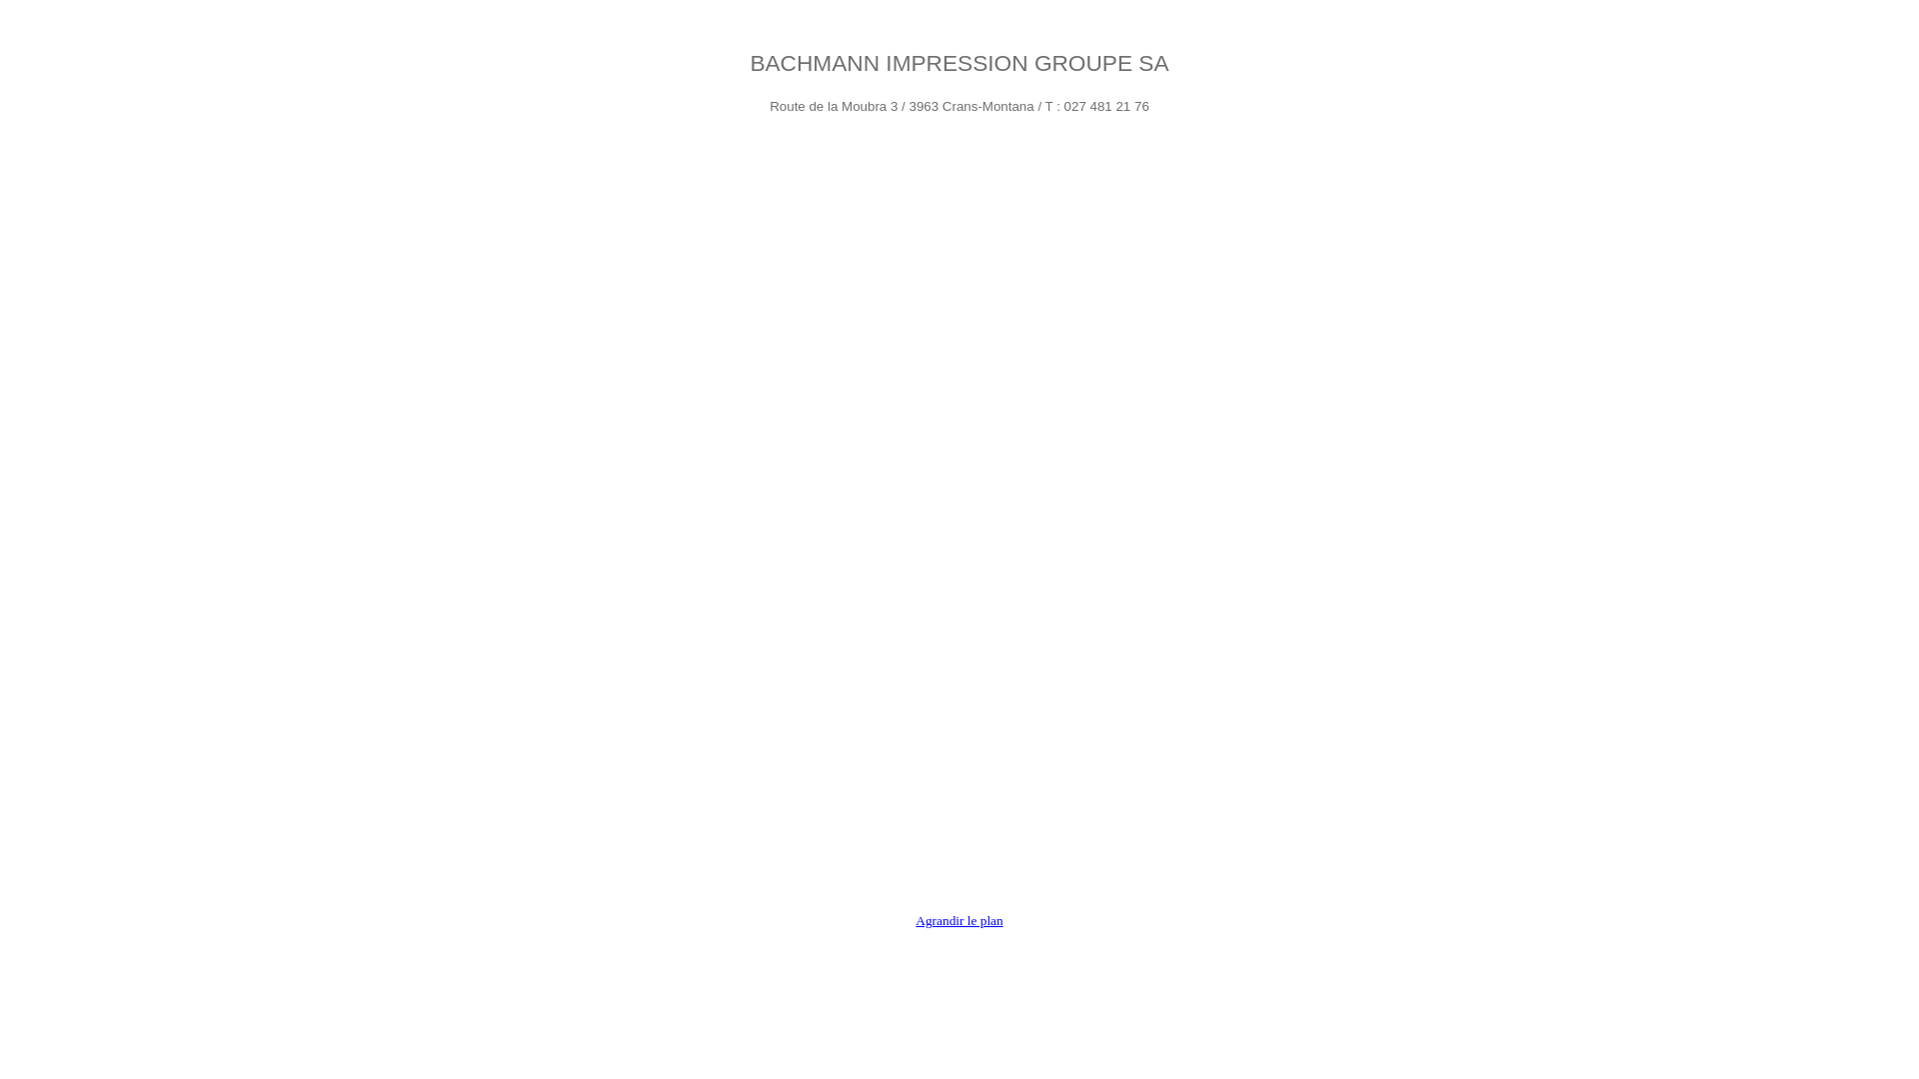  I want to click on 'Agrandir le plan', so click(958, 920).